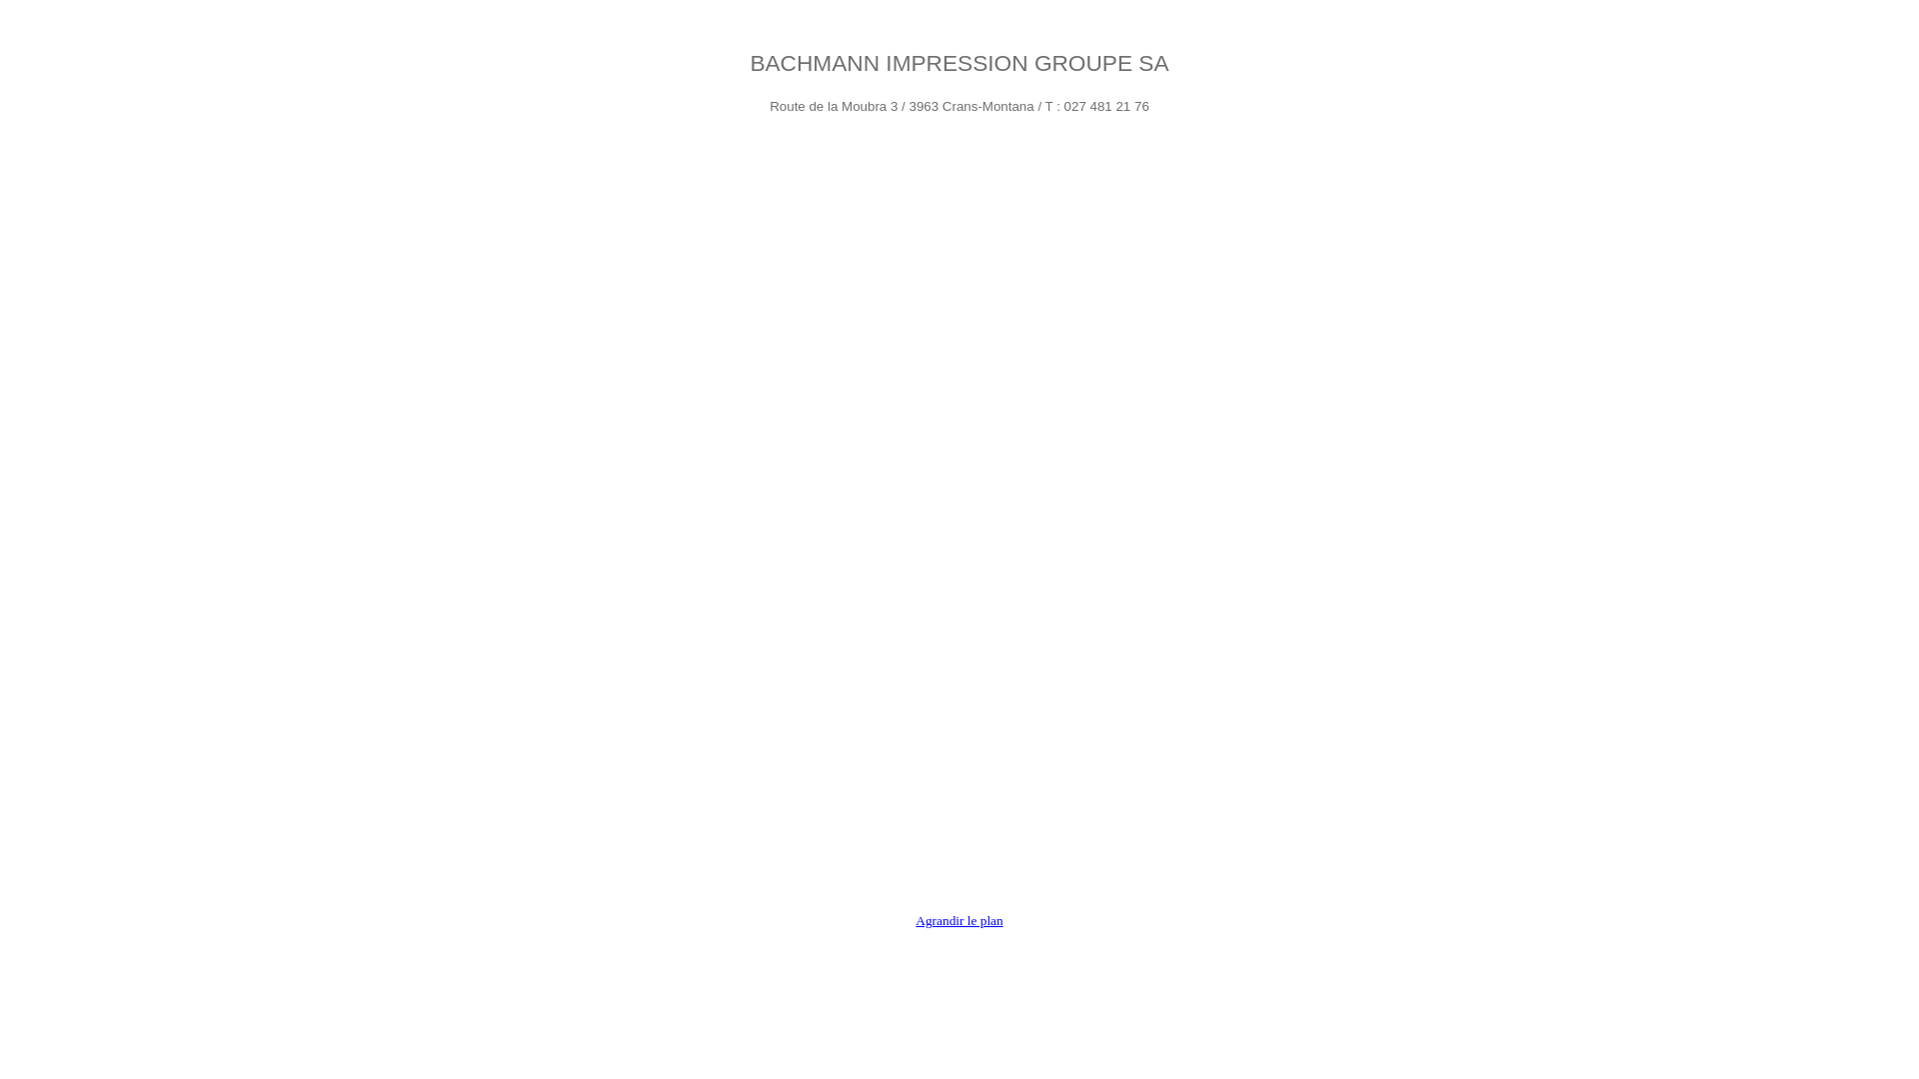  I want to click on 'Agrandir le plan', so click(958, 920).